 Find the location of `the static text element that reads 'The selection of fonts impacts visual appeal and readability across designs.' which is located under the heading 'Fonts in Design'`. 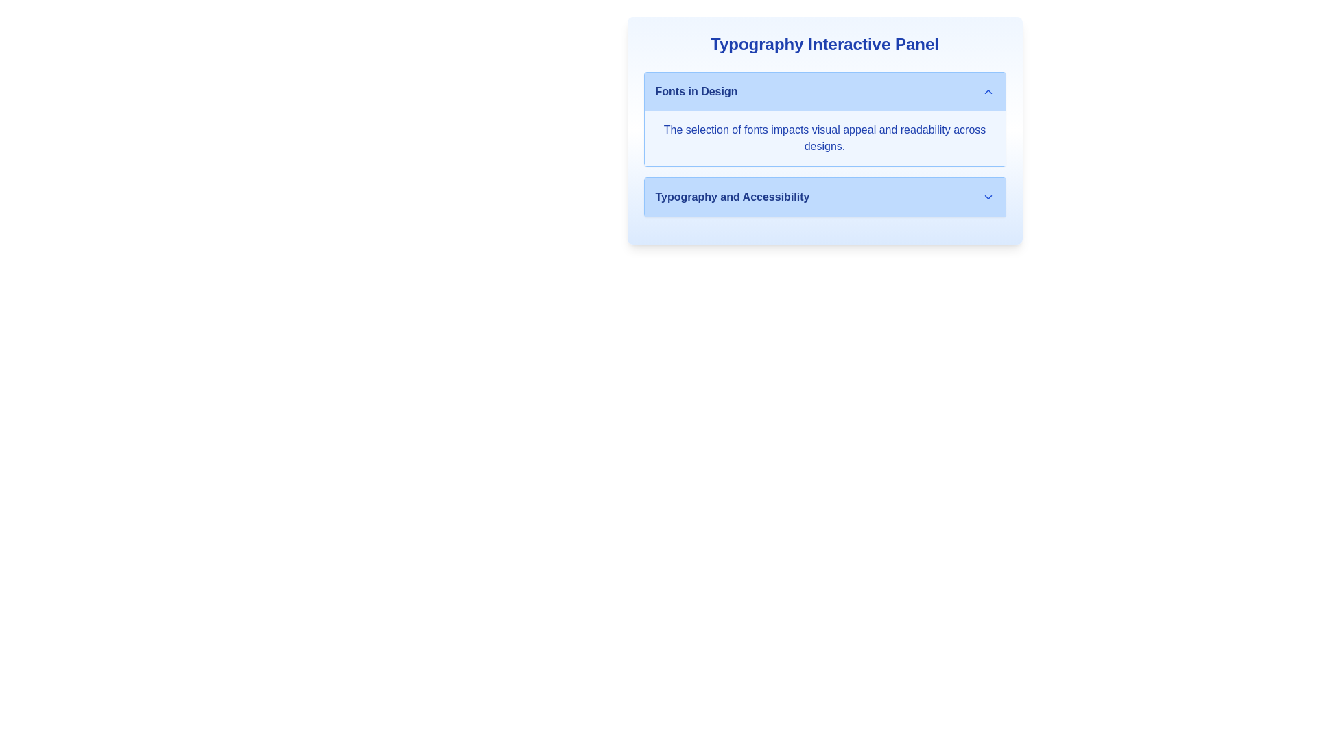

the static text element that reads 'The selection of fonts impacts visual appeal and readability across designs.' which is located under the heading 'Fonts in Design' is located at coordinates (824, 138).